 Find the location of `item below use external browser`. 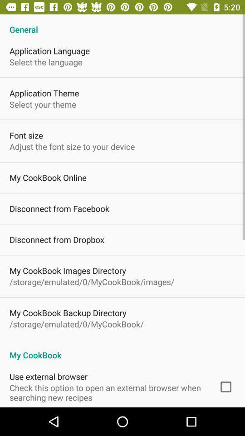

item below use external browser is located at coordinates (108, 392).